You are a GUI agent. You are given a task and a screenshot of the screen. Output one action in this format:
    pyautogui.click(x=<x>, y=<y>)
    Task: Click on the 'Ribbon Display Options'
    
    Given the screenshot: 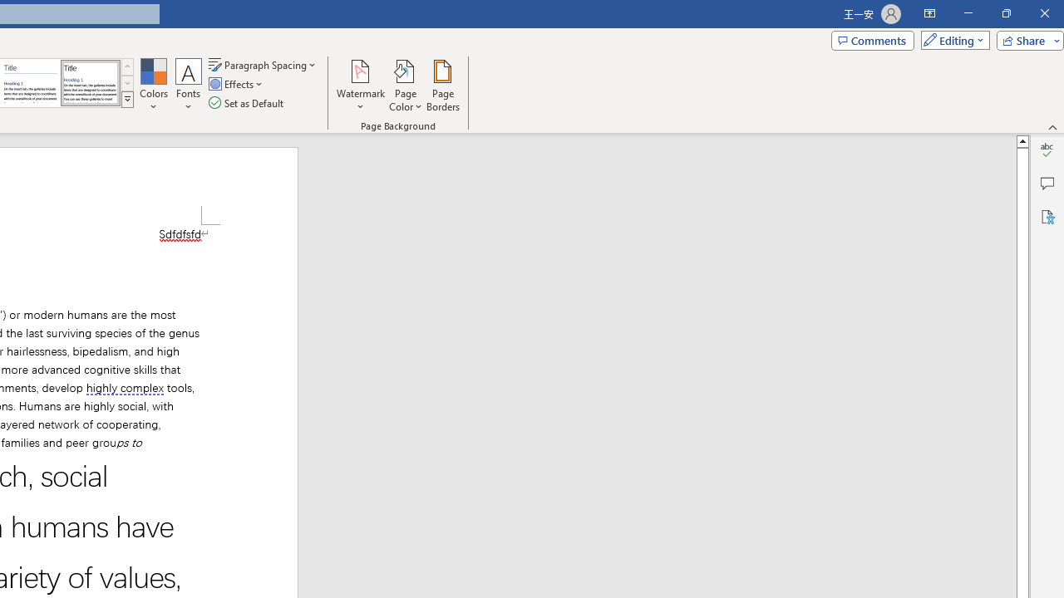 What is the action you would take?
    pyautogui.click(x=929, y=13)
    